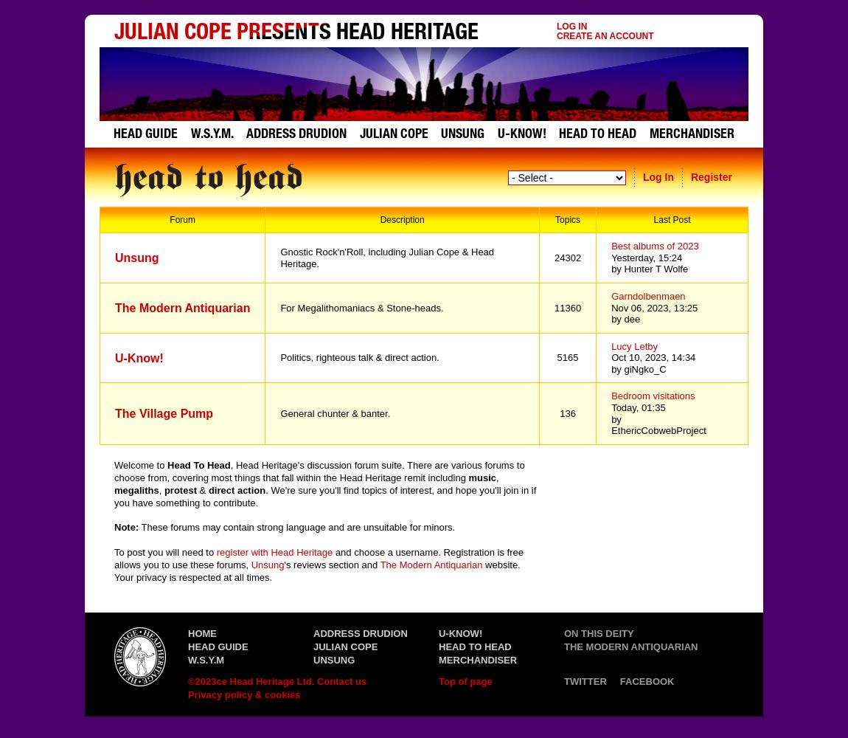  I want to click on 'by Hunter T Wolfe', so click(650, 268).